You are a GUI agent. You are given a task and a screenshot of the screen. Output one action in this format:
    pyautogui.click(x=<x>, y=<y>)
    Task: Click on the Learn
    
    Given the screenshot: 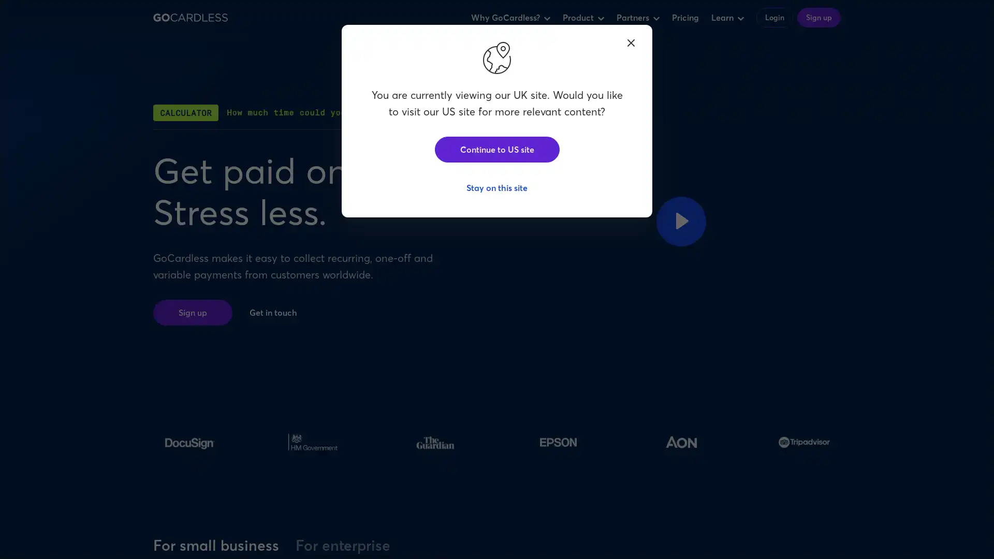 What is the action you would take?
    pyautogui.click(x=727, y=18)
    